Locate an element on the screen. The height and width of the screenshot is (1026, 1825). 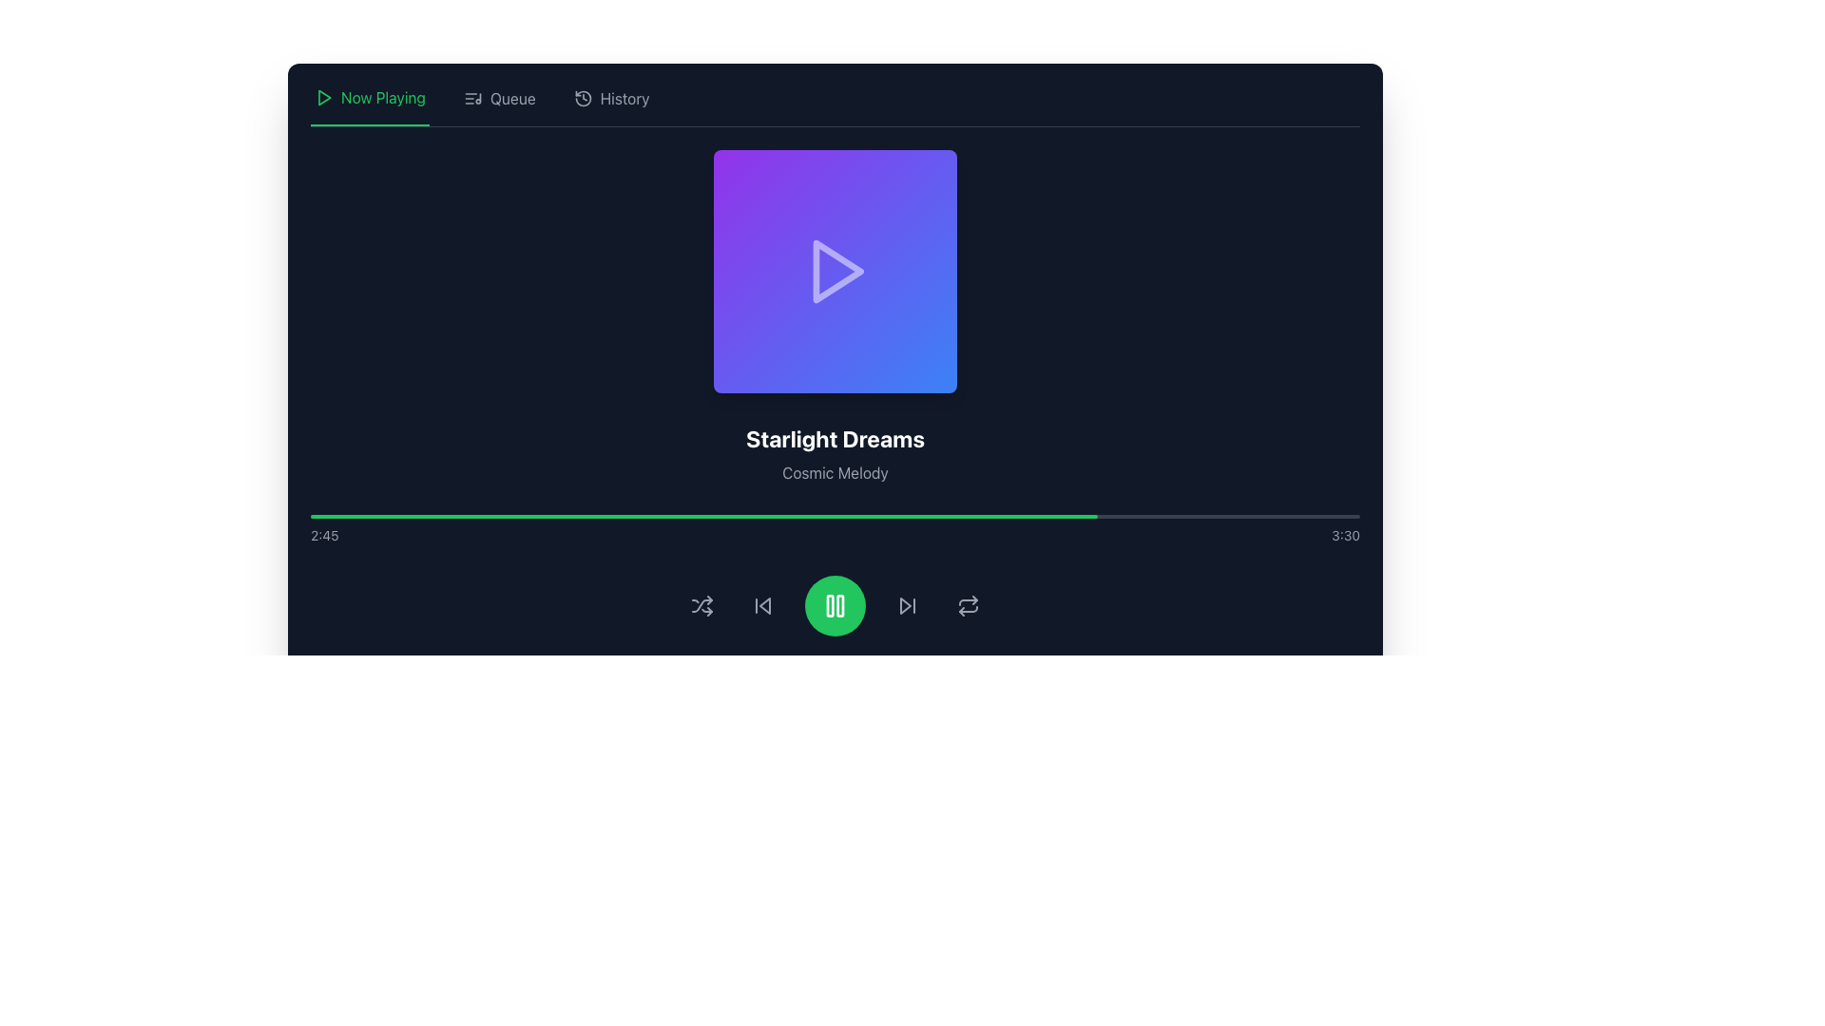
the playback button, which features a triangle play icon at the center of the interface is located at coordinates (835, 271).